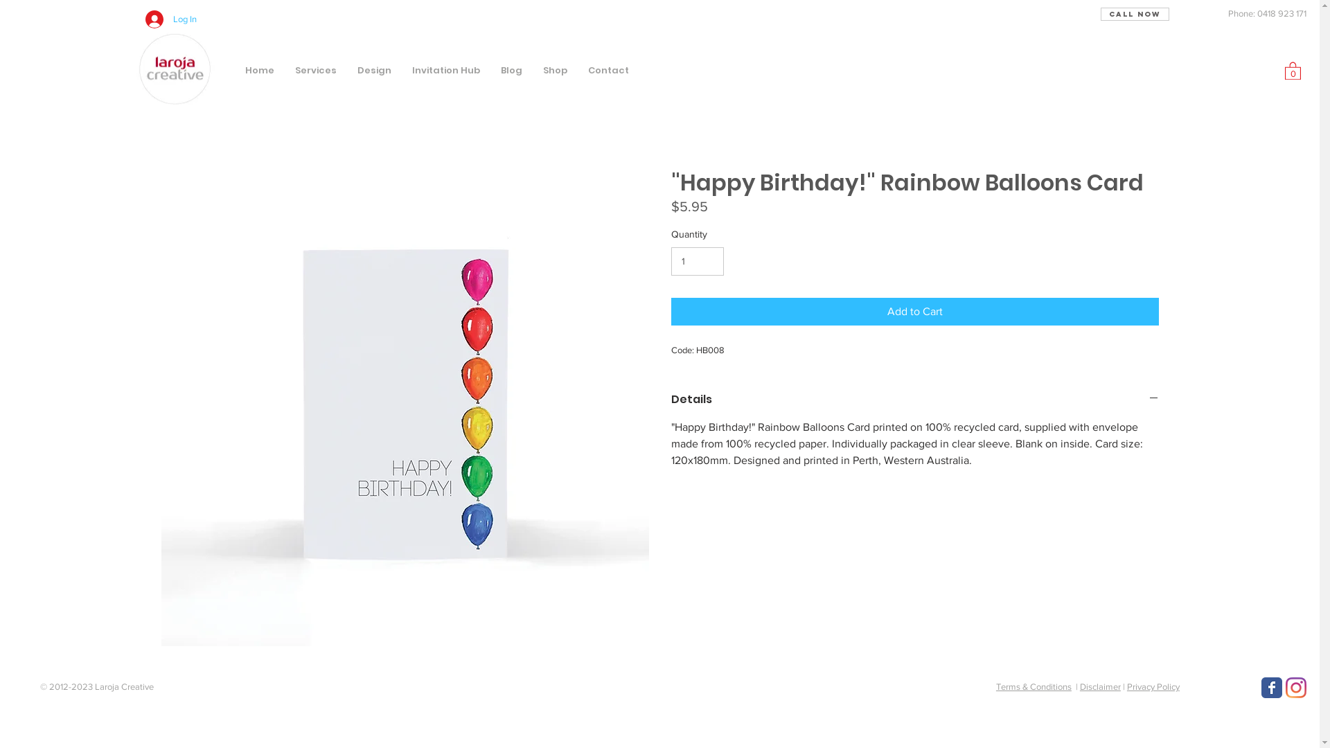 The width and height of the screenshot is (1330, 748). Describe the element at coordinates (315, 69) in the screenshot. I see `'Services'` at that location.